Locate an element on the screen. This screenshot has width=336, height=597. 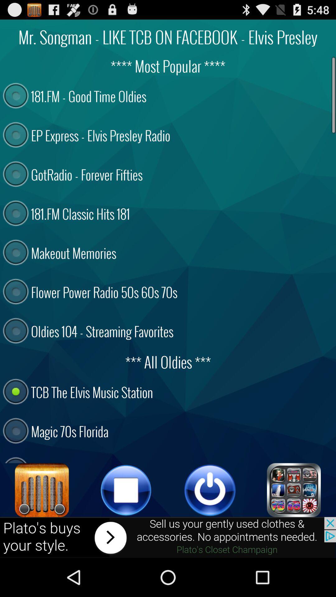
stop is located at coordinates (126, 490).